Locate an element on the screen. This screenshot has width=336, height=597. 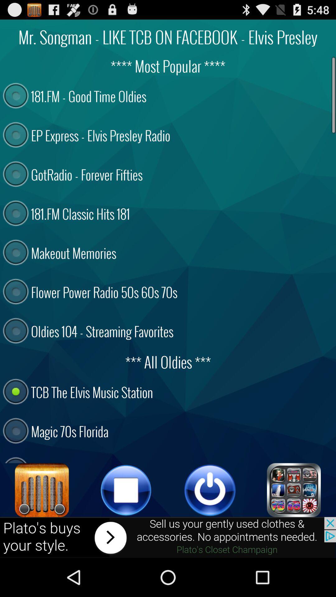
stop is located at coordinates (126, 490).